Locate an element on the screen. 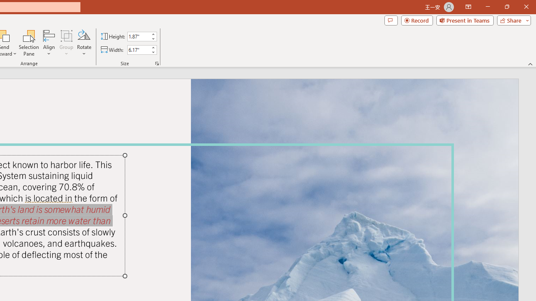  'Selection Pane...' is located at coordinates (29, 43).